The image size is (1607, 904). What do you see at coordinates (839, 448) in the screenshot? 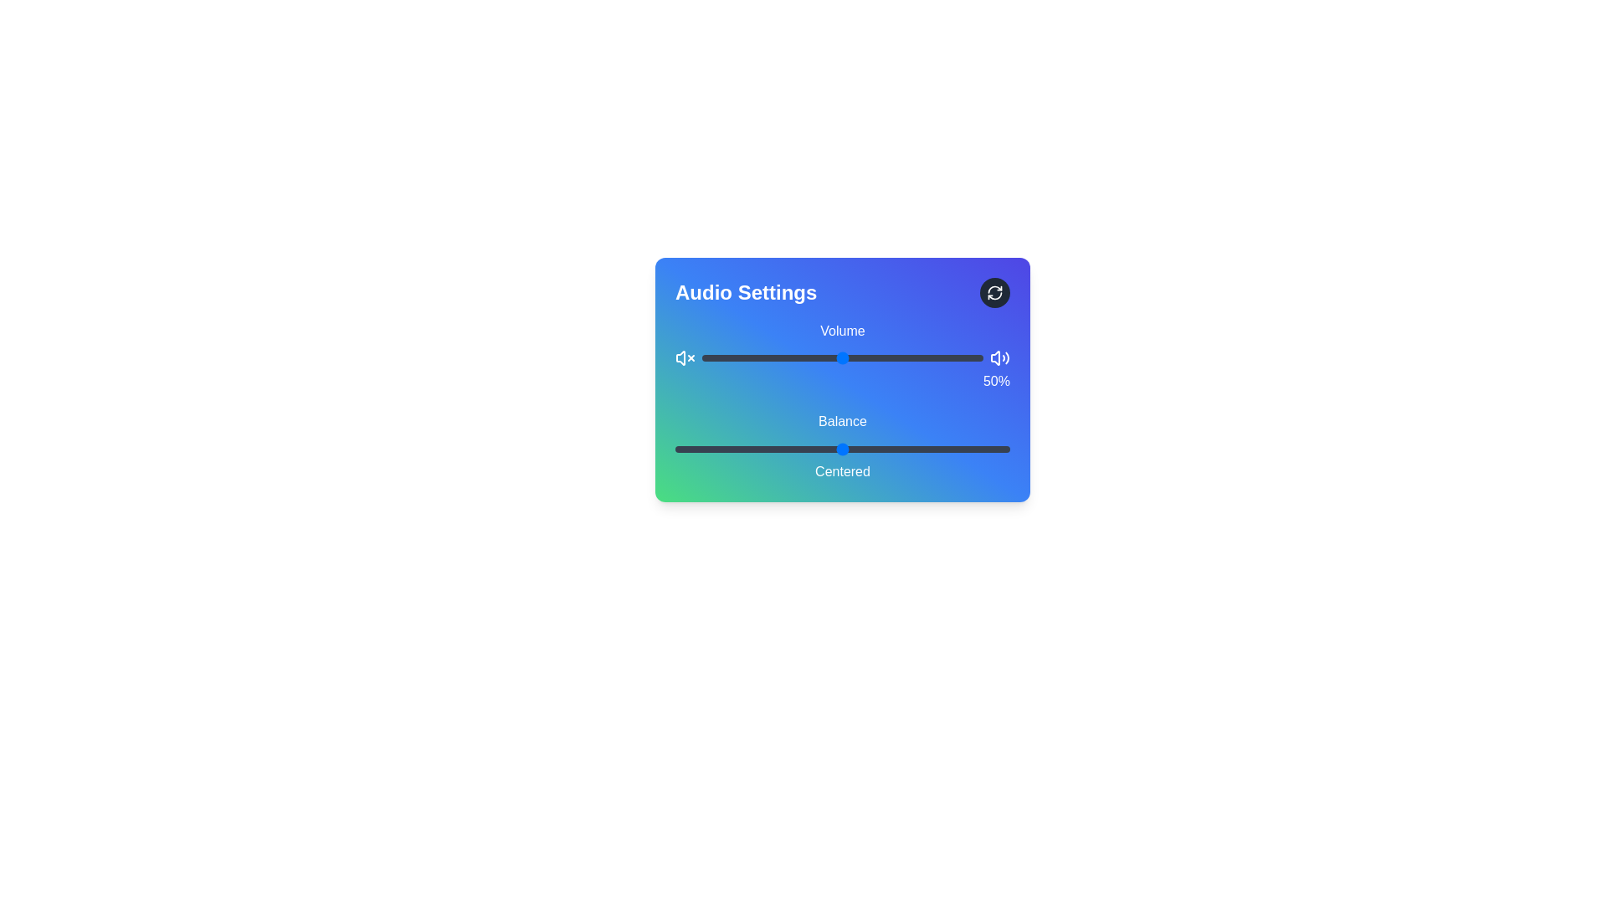
I see `the balance slider` at bounding box center [839, 448].